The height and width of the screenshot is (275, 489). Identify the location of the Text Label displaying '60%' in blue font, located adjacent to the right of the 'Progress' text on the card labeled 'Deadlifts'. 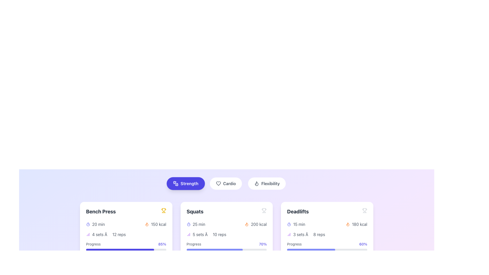
(363, 244).